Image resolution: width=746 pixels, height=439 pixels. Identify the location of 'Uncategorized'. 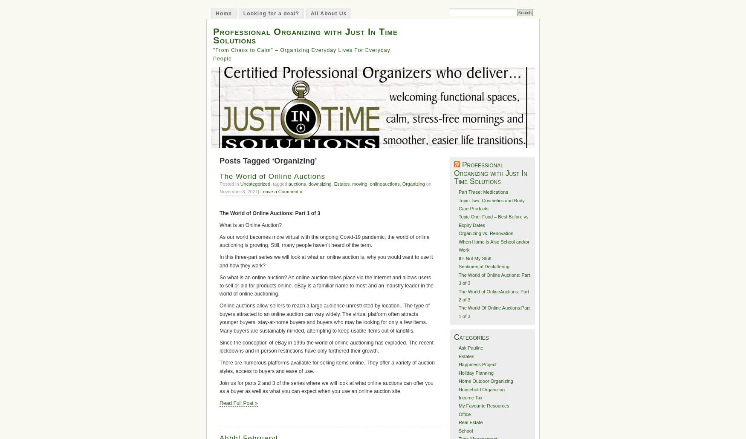
(239, 184).